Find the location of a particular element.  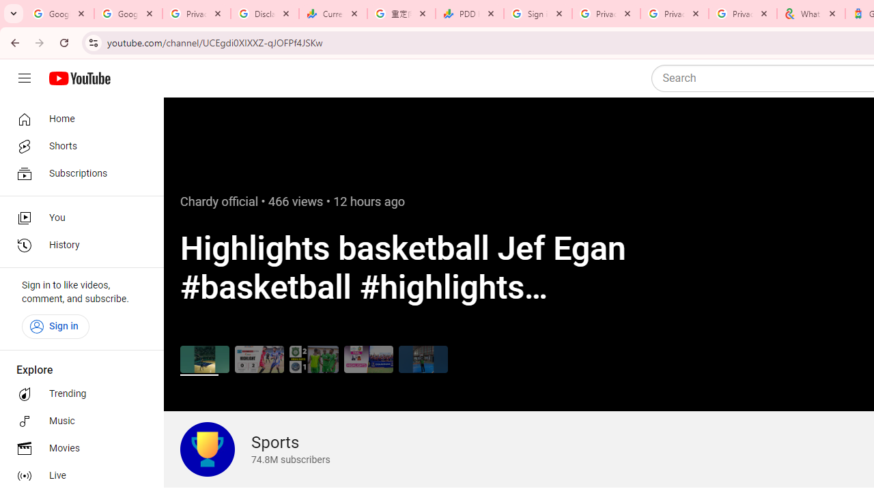

'Privacy Checkup' is located at coordinates (742, 14).